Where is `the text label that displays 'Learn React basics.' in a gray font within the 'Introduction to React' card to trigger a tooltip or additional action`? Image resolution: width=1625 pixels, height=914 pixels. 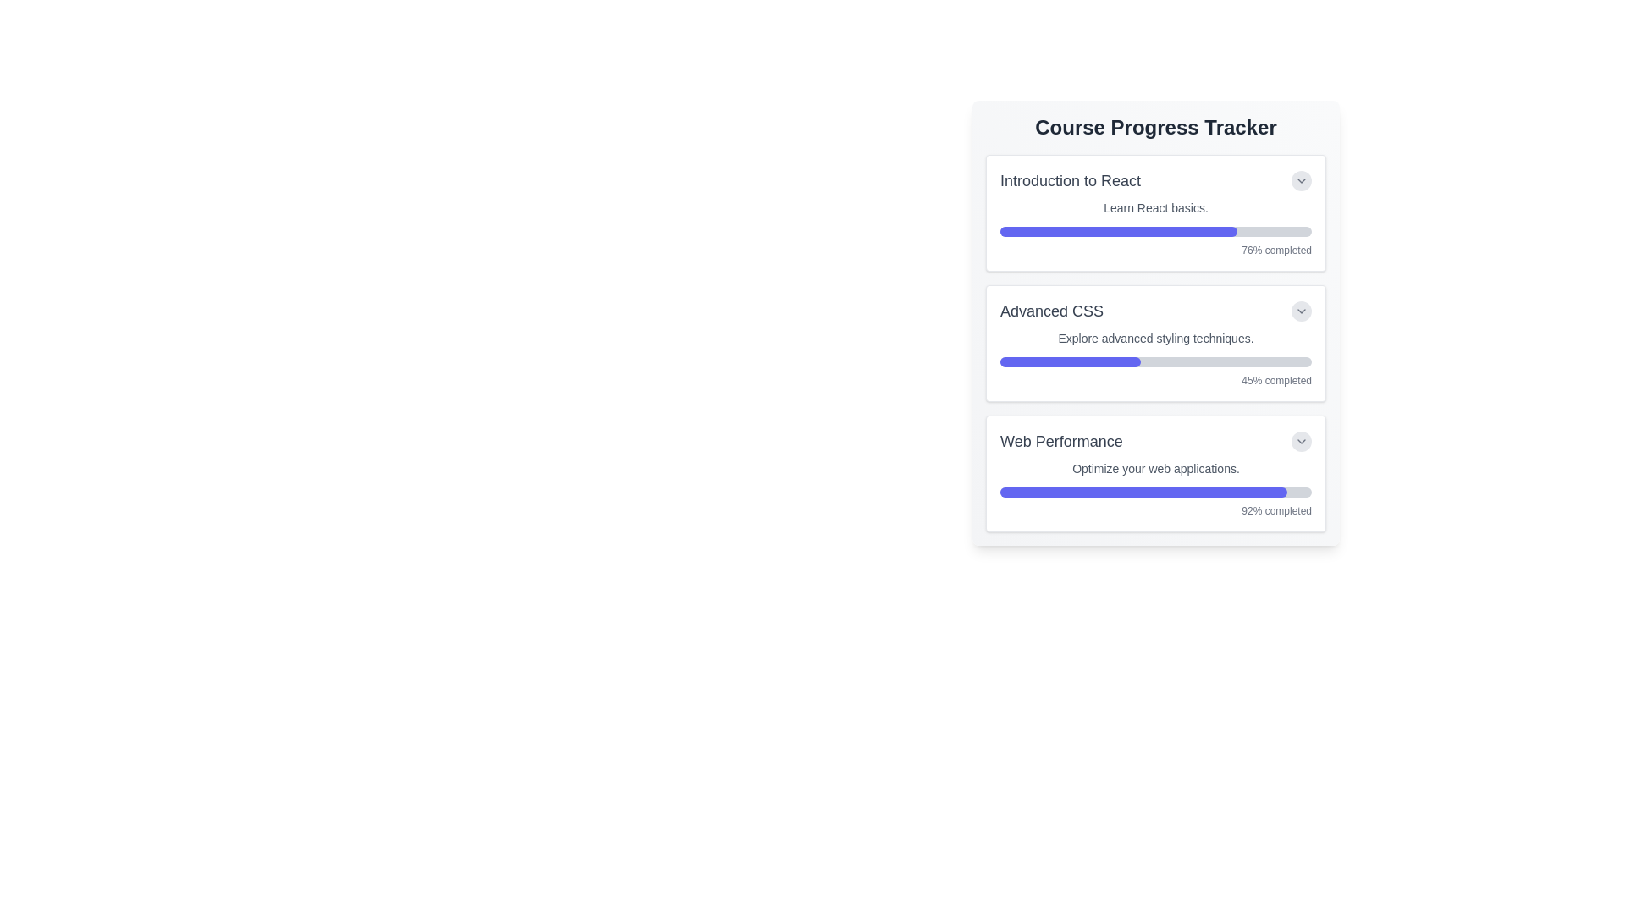 the text label that displays 'Learn React basics.' in a gray font within the 'Introduction to React' card to trigger a tooltip or additional action is located at coordinates (1155, 207).